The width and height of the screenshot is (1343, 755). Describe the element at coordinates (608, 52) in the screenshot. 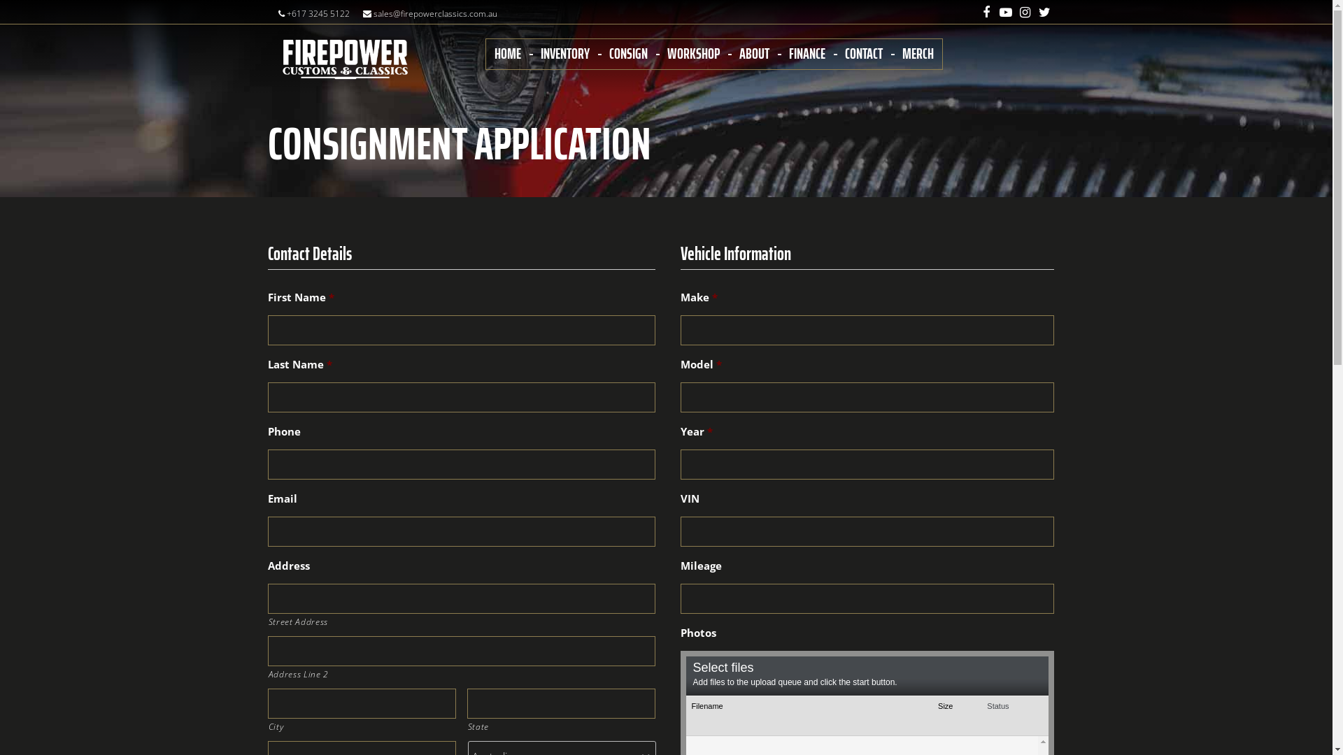

I see `'CONSIGN'` at that location.